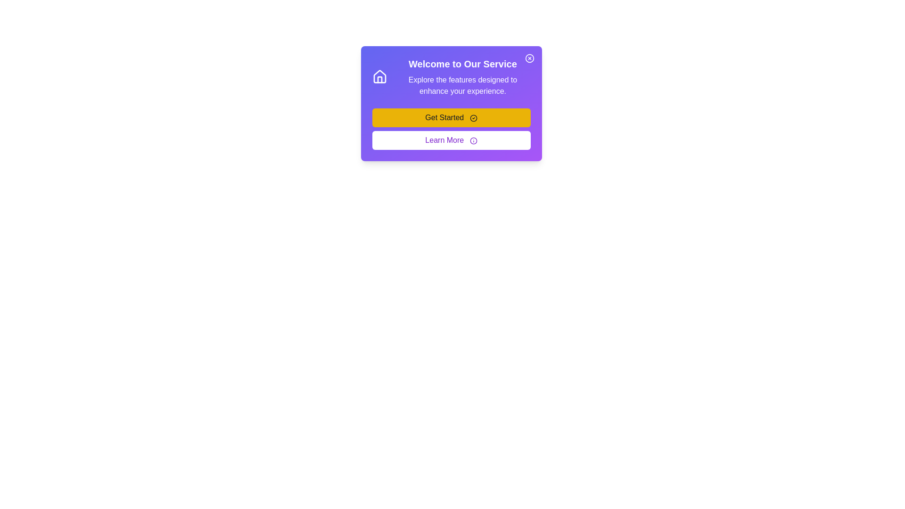  Describe the element at coordinates (473, 117) in the screenshot. I see `the icon located to the right end of the 'Get Started' button, which visually reinforces a successful call-to-action` at that location.